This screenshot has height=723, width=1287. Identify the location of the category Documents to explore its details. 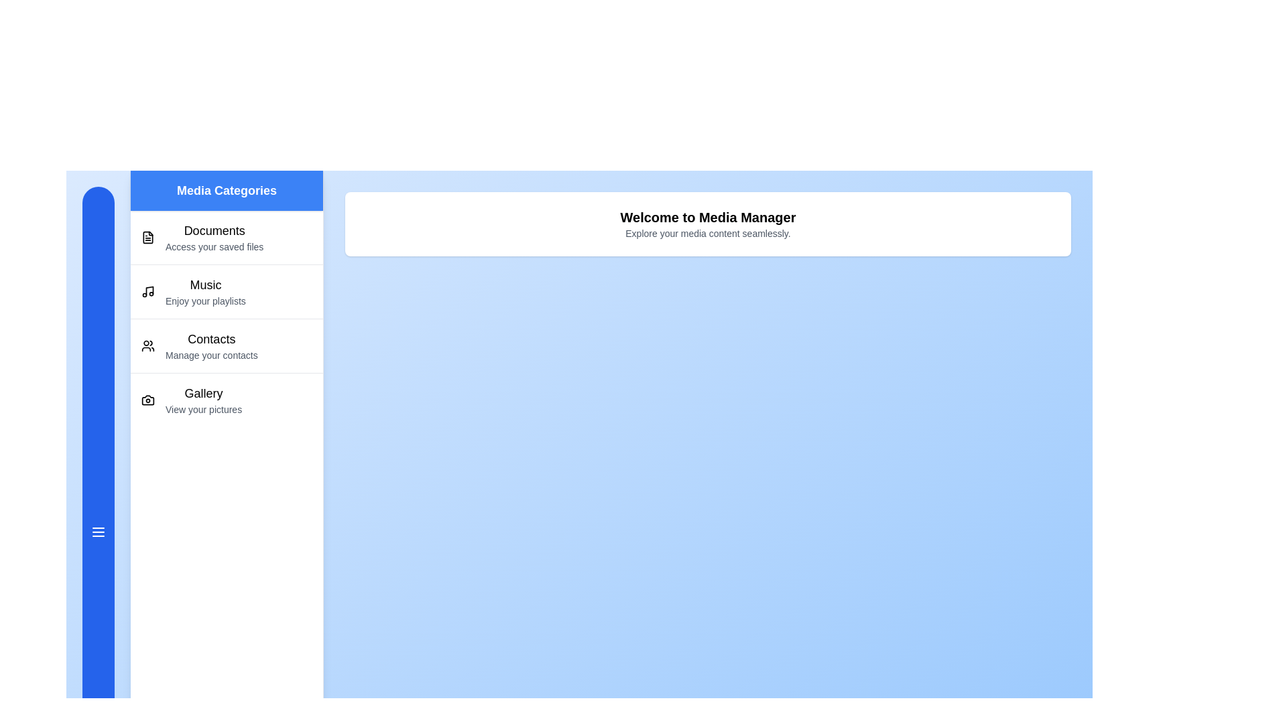
(227, 236).